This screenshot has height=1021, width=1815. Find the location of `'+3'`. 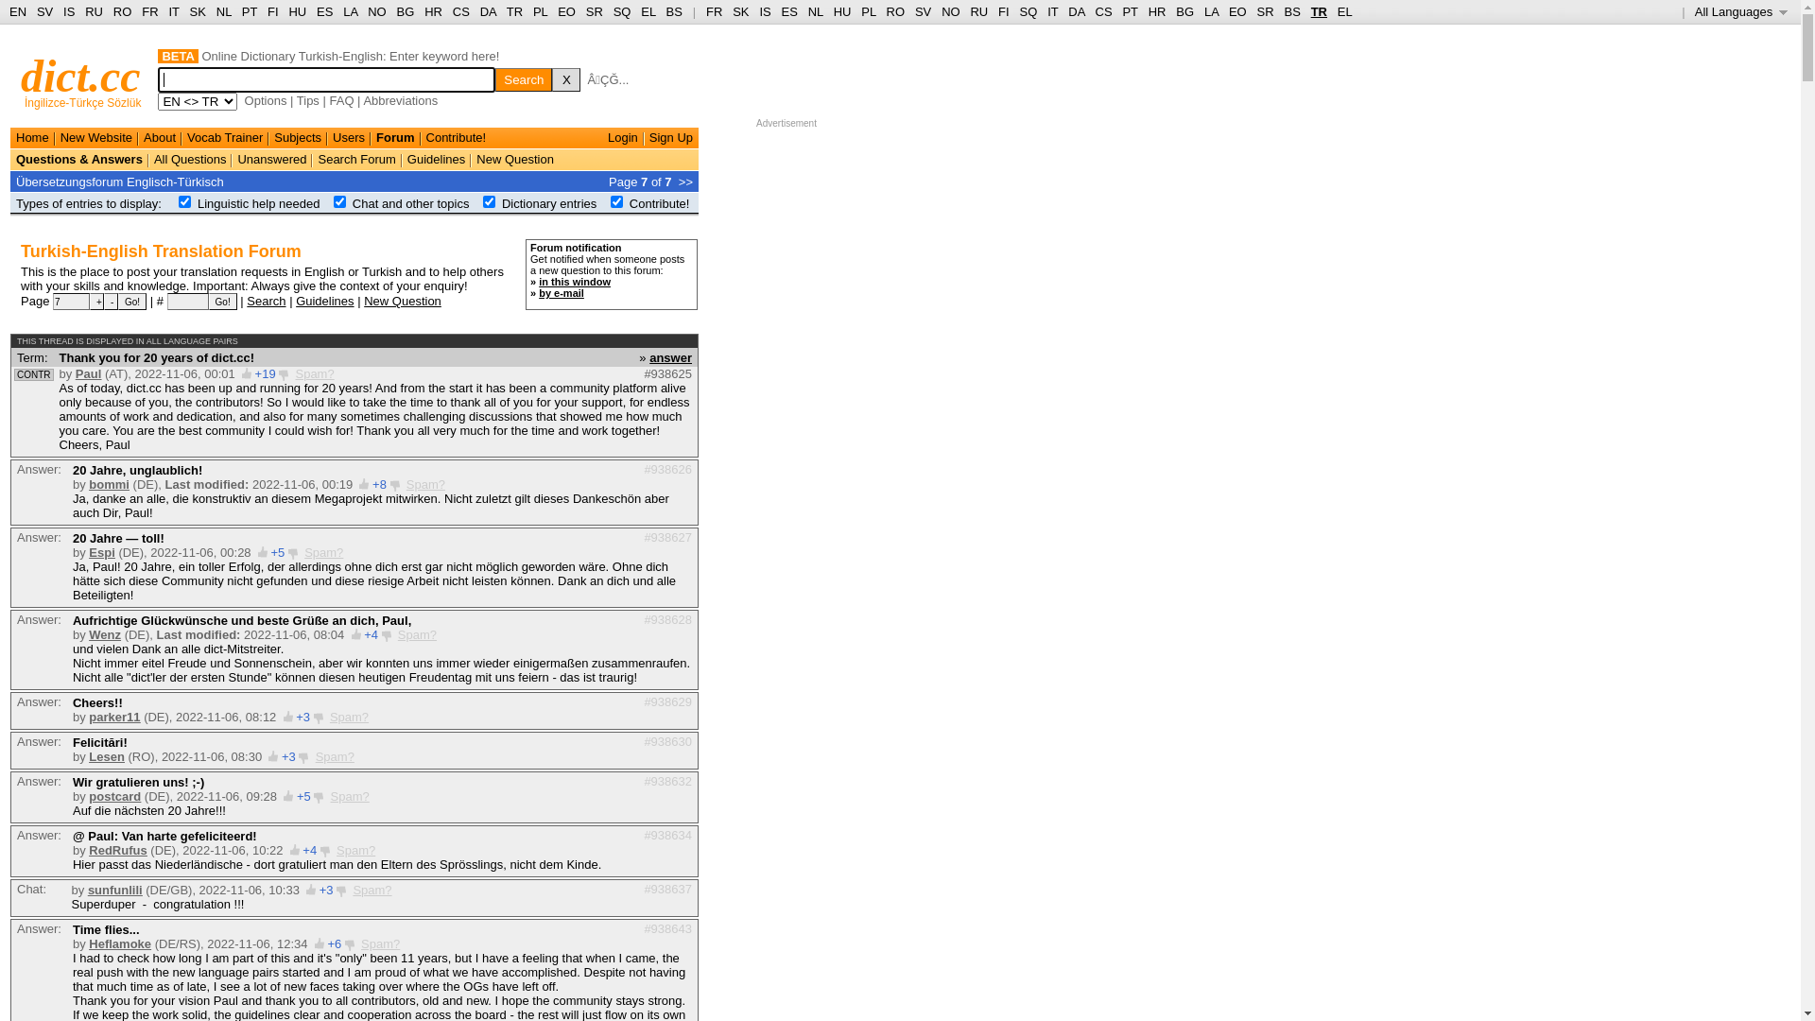

'+3' is located at coordinates (287, 755).